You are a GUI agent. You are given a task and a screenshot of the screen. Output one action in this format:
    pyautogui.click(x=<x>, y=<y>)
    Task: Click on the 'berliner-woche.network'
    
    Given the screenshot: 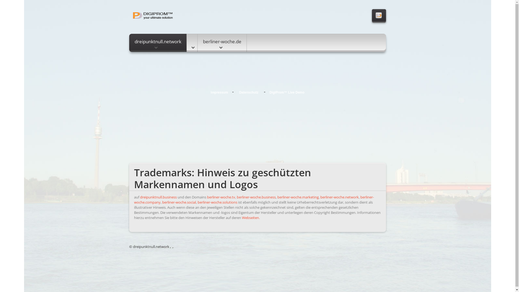 What is the action you would take?
    pyautogui.click(x=339, y=197)
    